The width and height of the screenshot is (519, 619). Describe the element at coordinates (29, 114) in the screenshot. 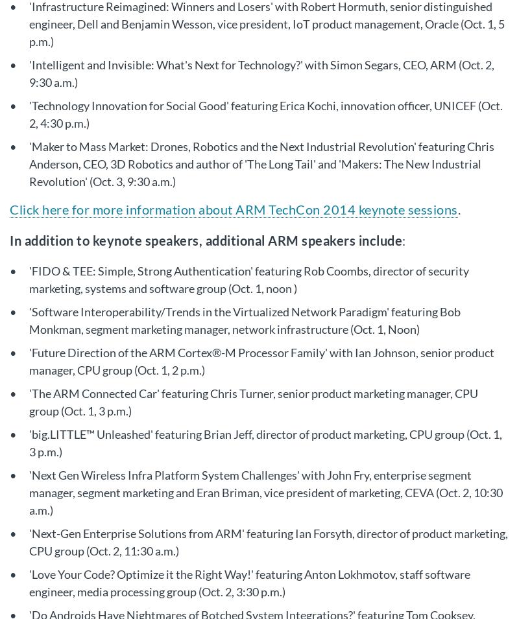

I see `''Technology Innovation for Social Good' featuring Erica Kochi, innovation officer, UNICEF (Oct. 2, 4:30 p.m.)'` at that location.